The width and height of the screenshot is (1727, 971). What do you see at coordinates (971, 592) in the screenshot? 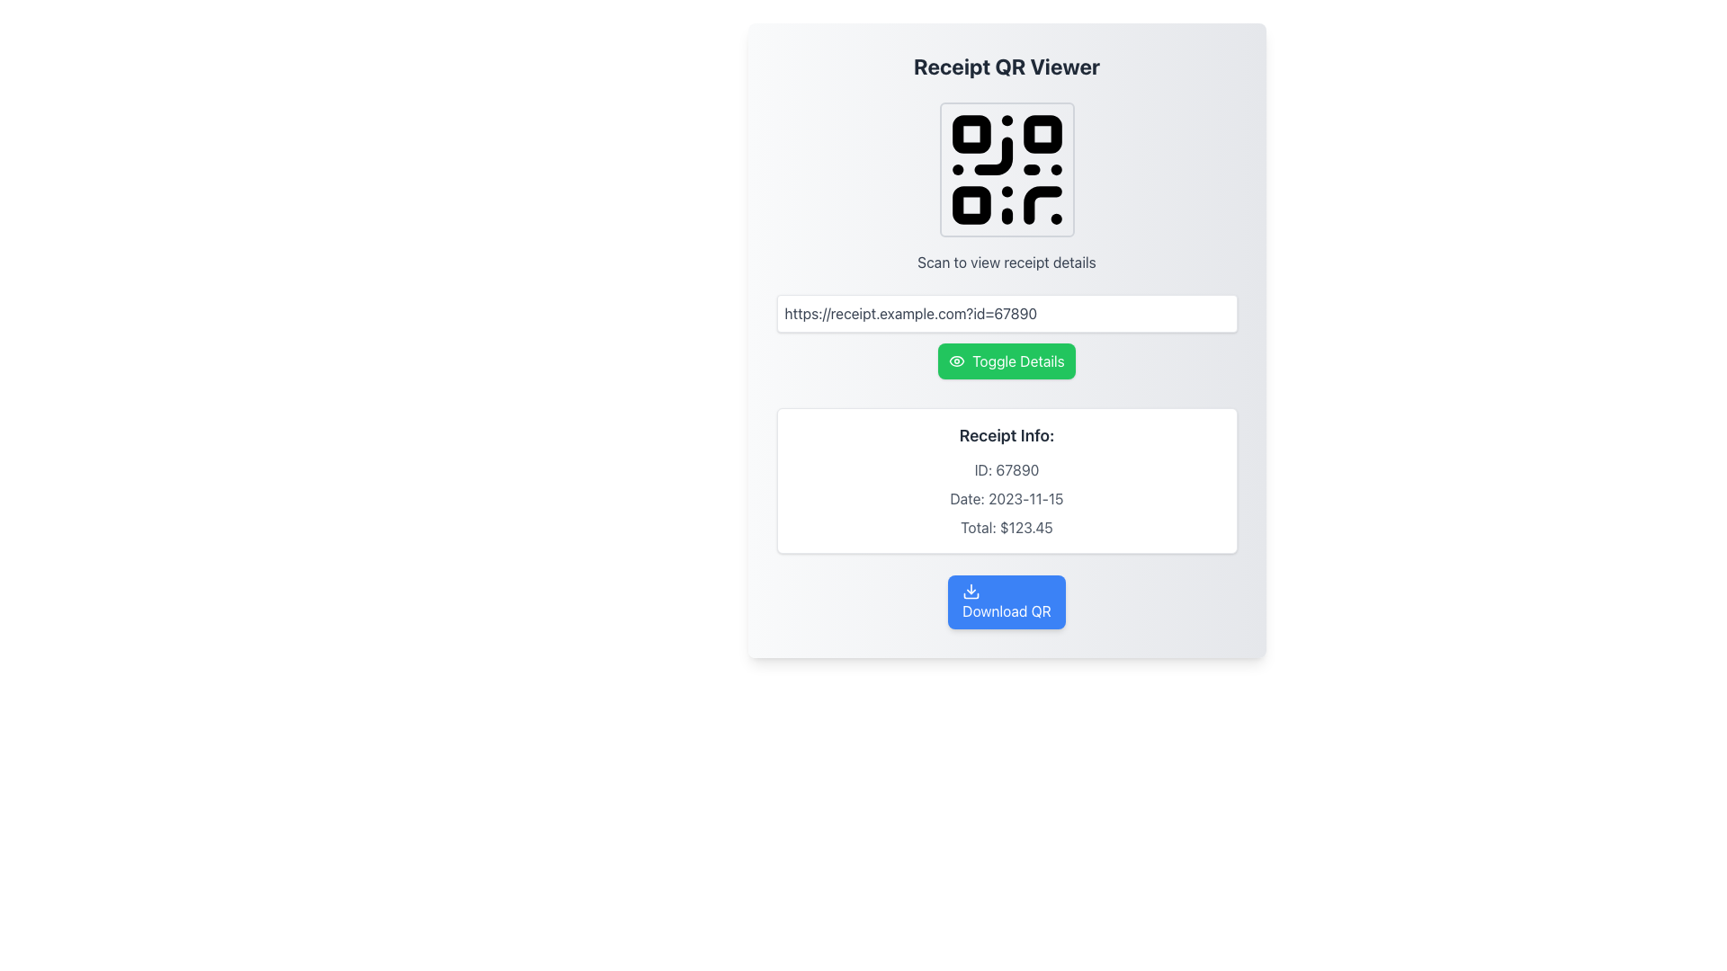
I see `the QR code download icon located at the top-left portion of the 'Download QR' button` at bounding box center [971, 592].